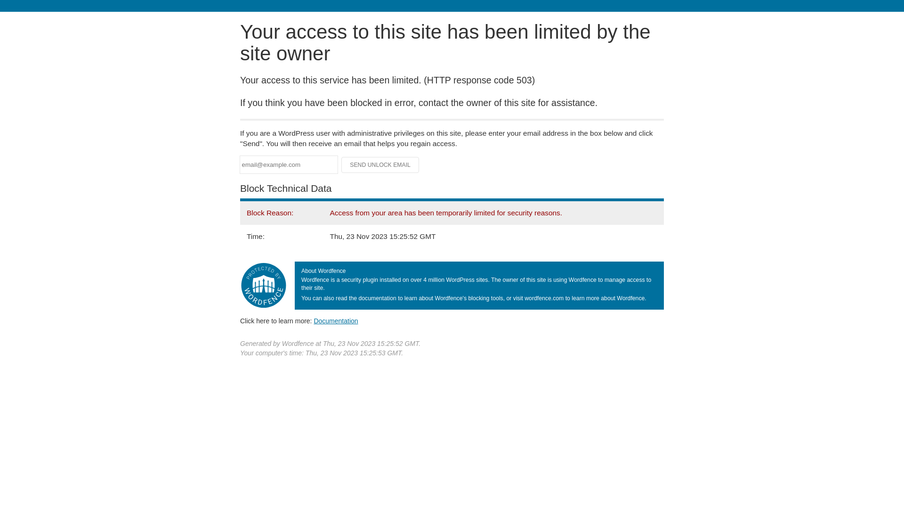  What do you see at coordinates (380, 164) in the screenshot?
I see `'Send Unlock Email'` at bounding box center [380, 164].